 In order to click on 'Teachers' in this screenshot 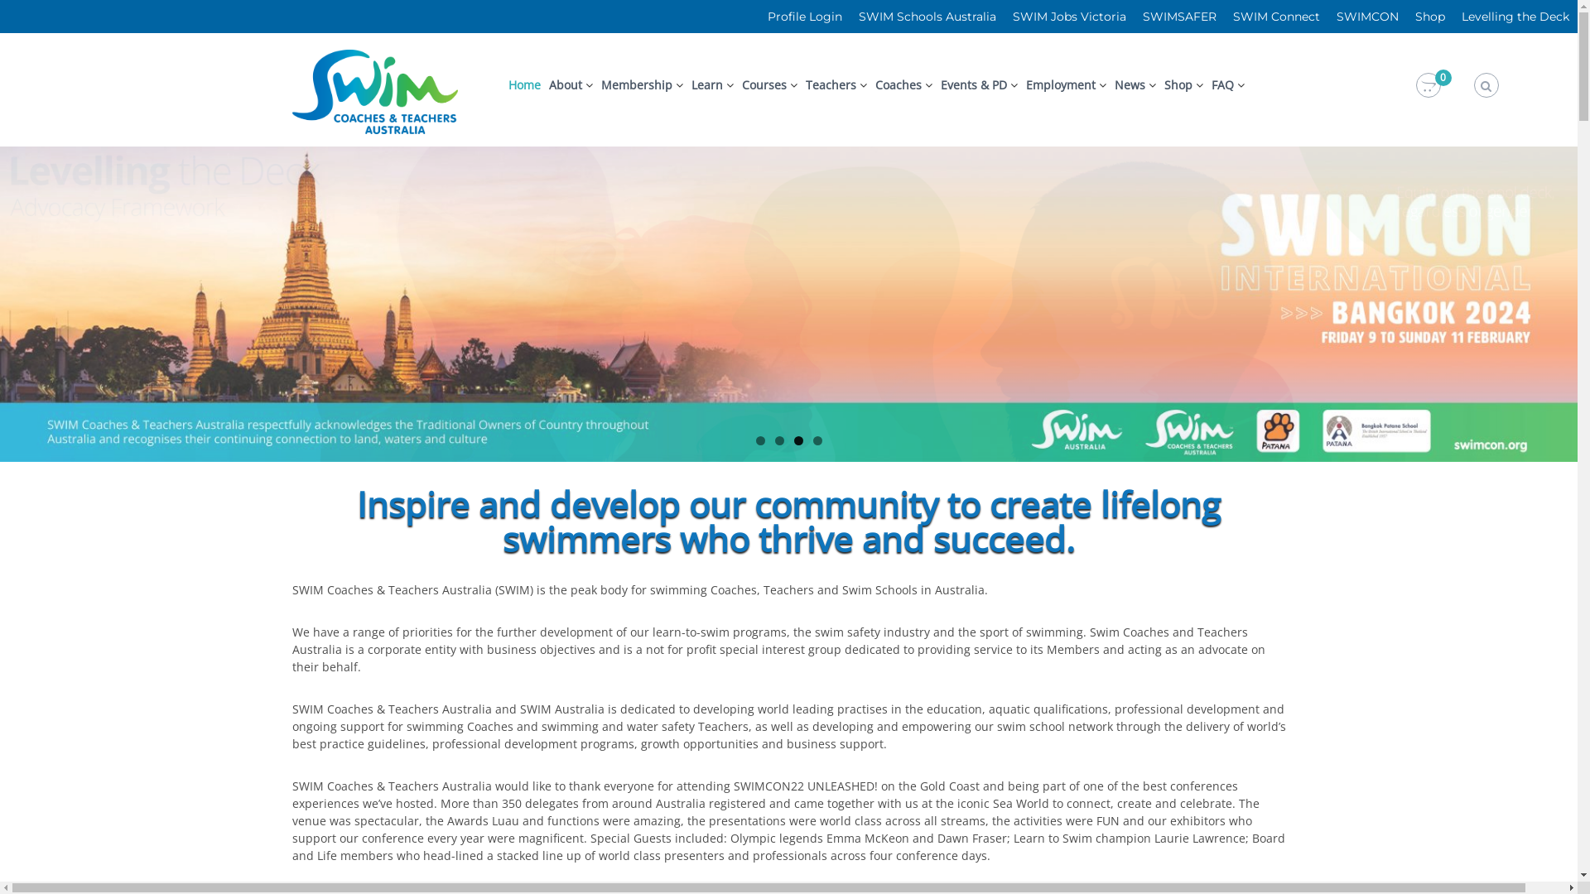, I will do `click(831, 84)`.